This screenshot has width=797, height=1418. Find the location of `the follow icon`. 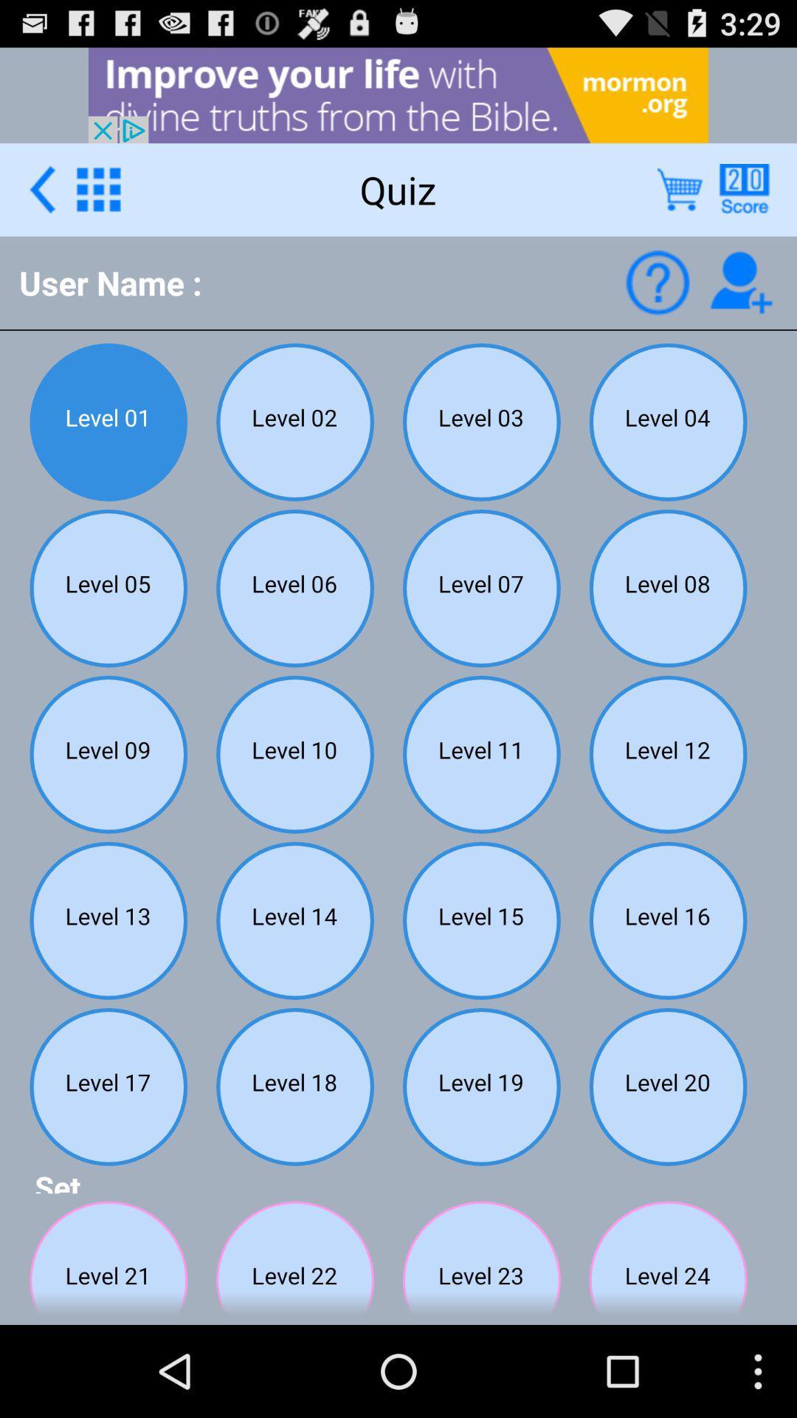

the follow icon is located at coordinates (741, 301).